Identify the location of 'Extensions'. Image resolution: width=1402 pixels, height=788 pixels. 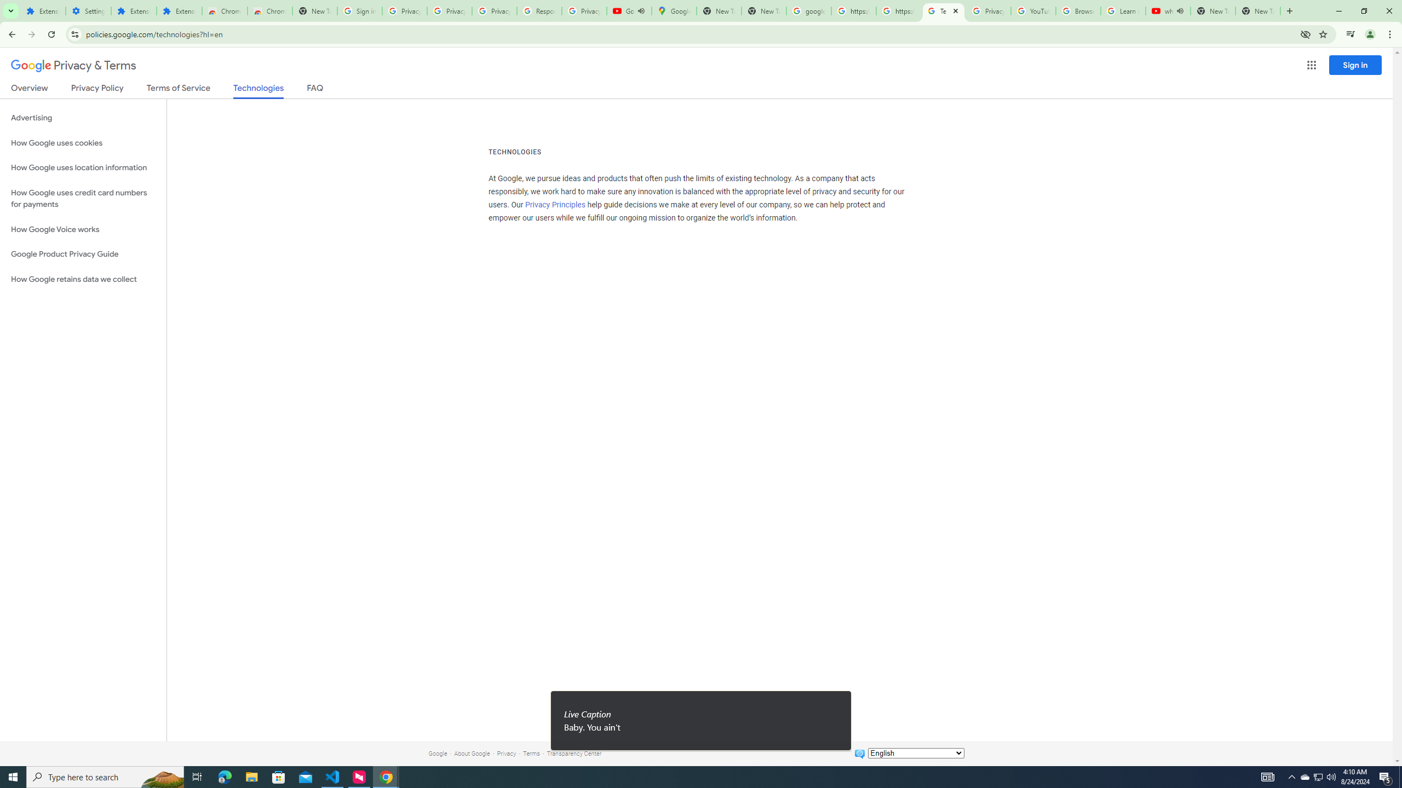
(42, 10).